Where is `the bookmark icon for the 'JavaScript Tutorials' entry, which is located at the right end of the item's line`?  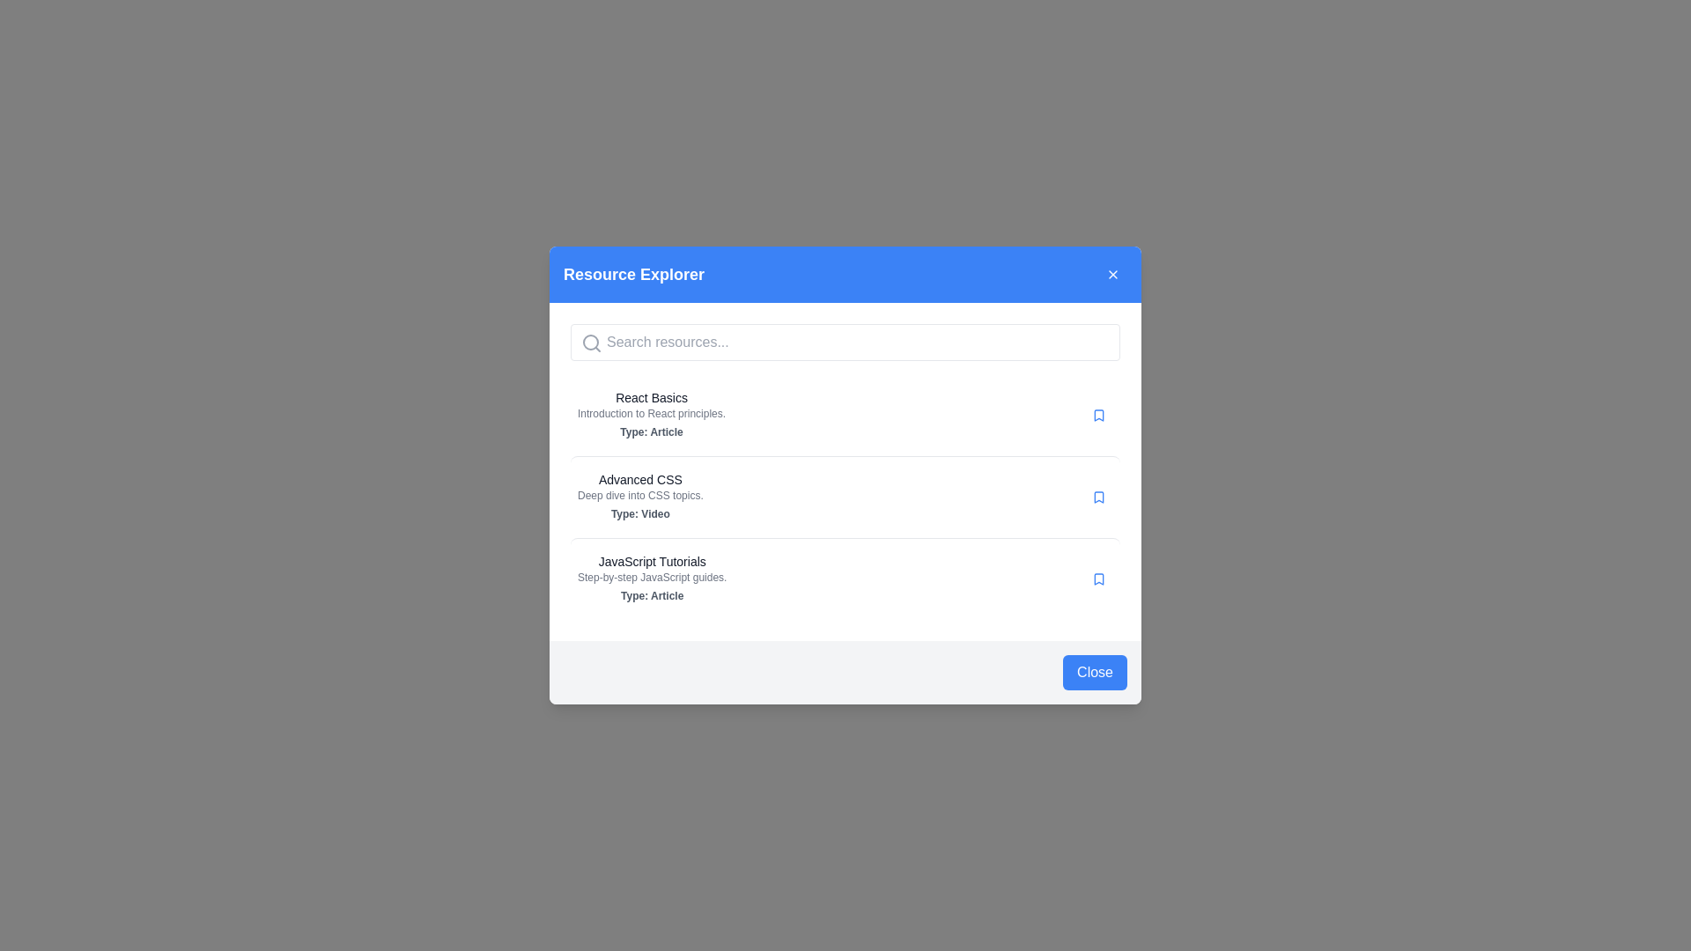
the bookmark icon for the 'JavaScript Tutorials' entry, which is located at the right end of the item's line is located at coordinates (1098, 579).